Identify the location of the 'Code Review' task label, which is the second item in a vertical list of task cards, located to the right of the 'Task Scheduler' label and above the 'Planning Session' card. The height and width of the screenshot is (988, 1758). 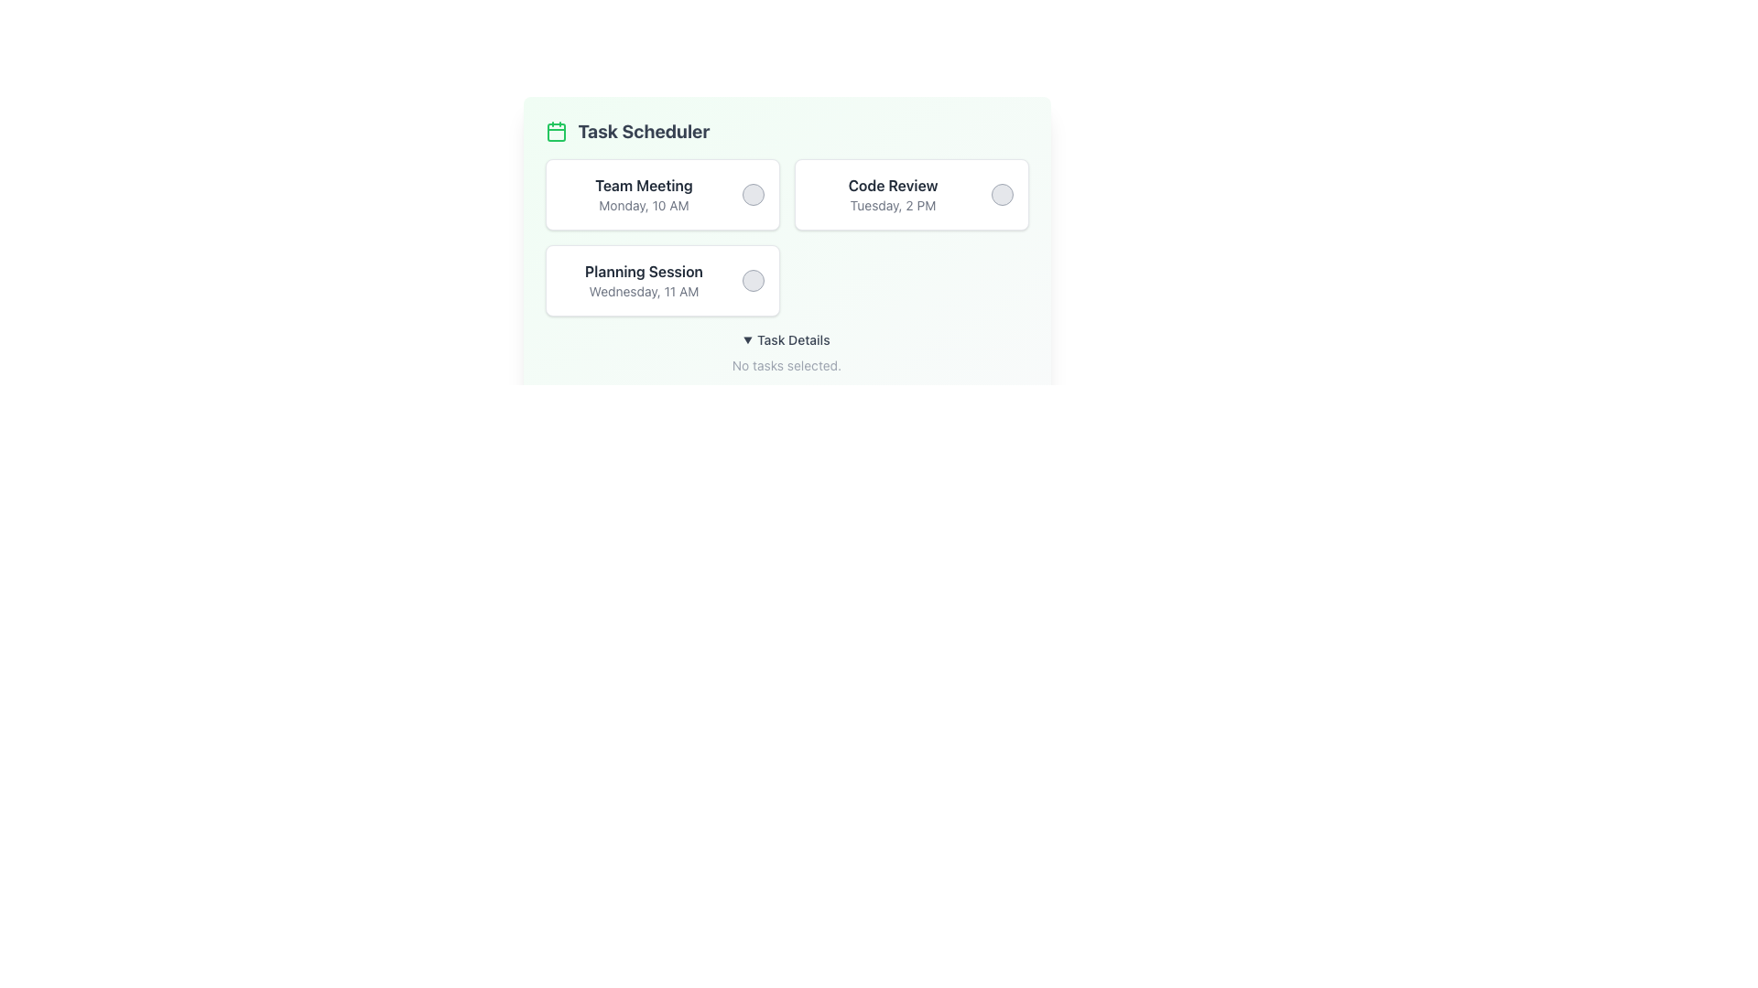
(893, 194).